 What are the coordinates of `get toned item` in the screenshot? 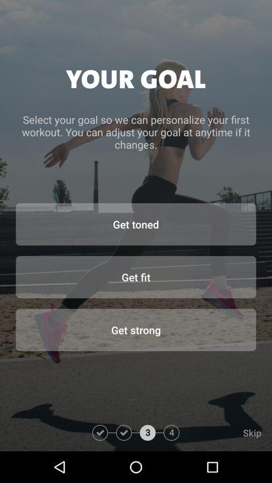 It's located at (136, 224).